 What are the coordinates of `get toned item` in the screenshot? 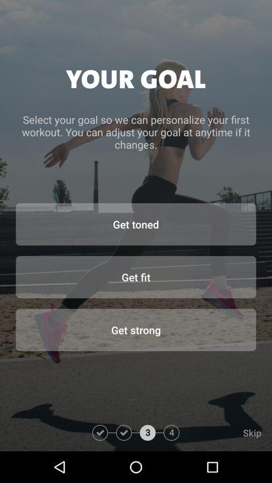 It's located at (136, 224).